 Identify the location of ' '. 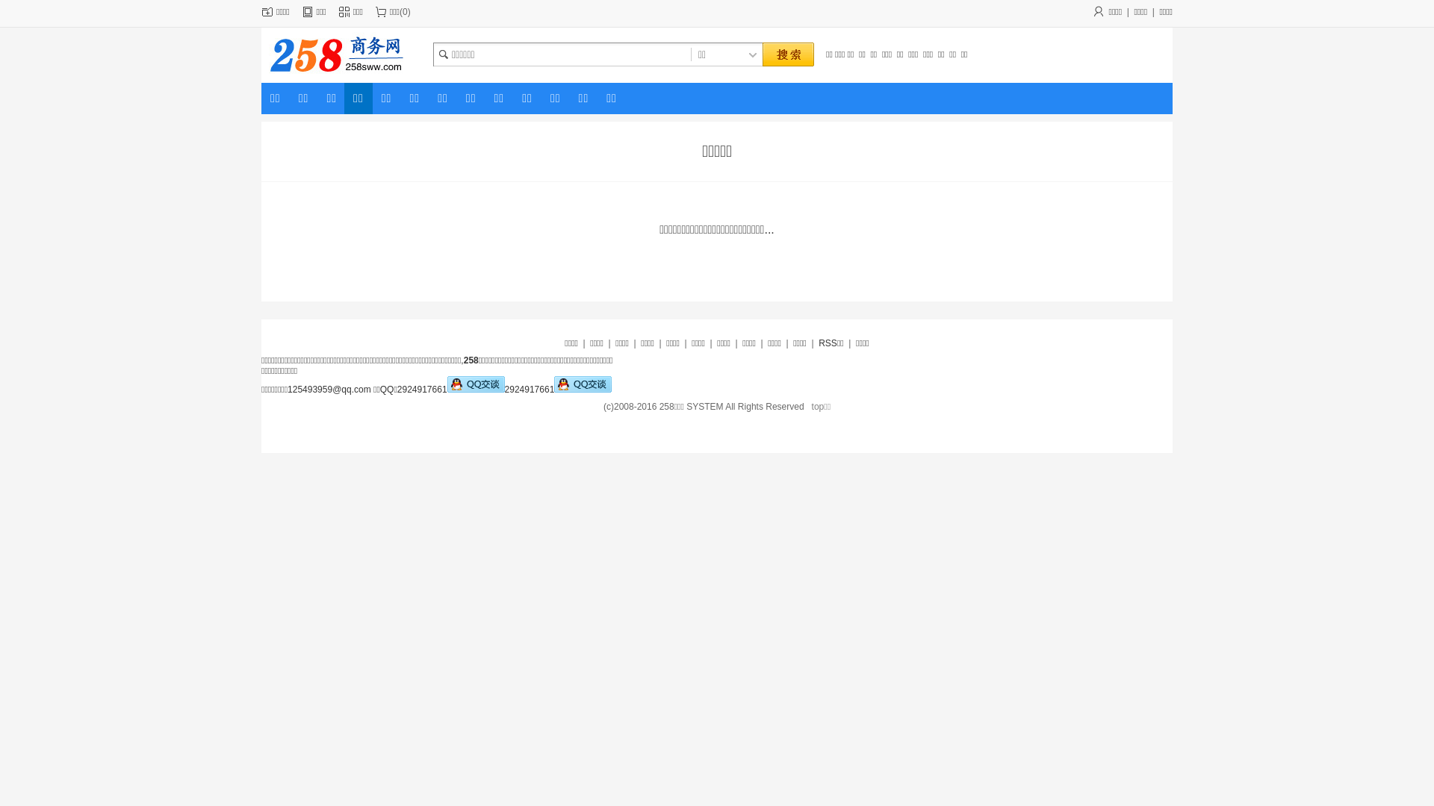
(787, 54).